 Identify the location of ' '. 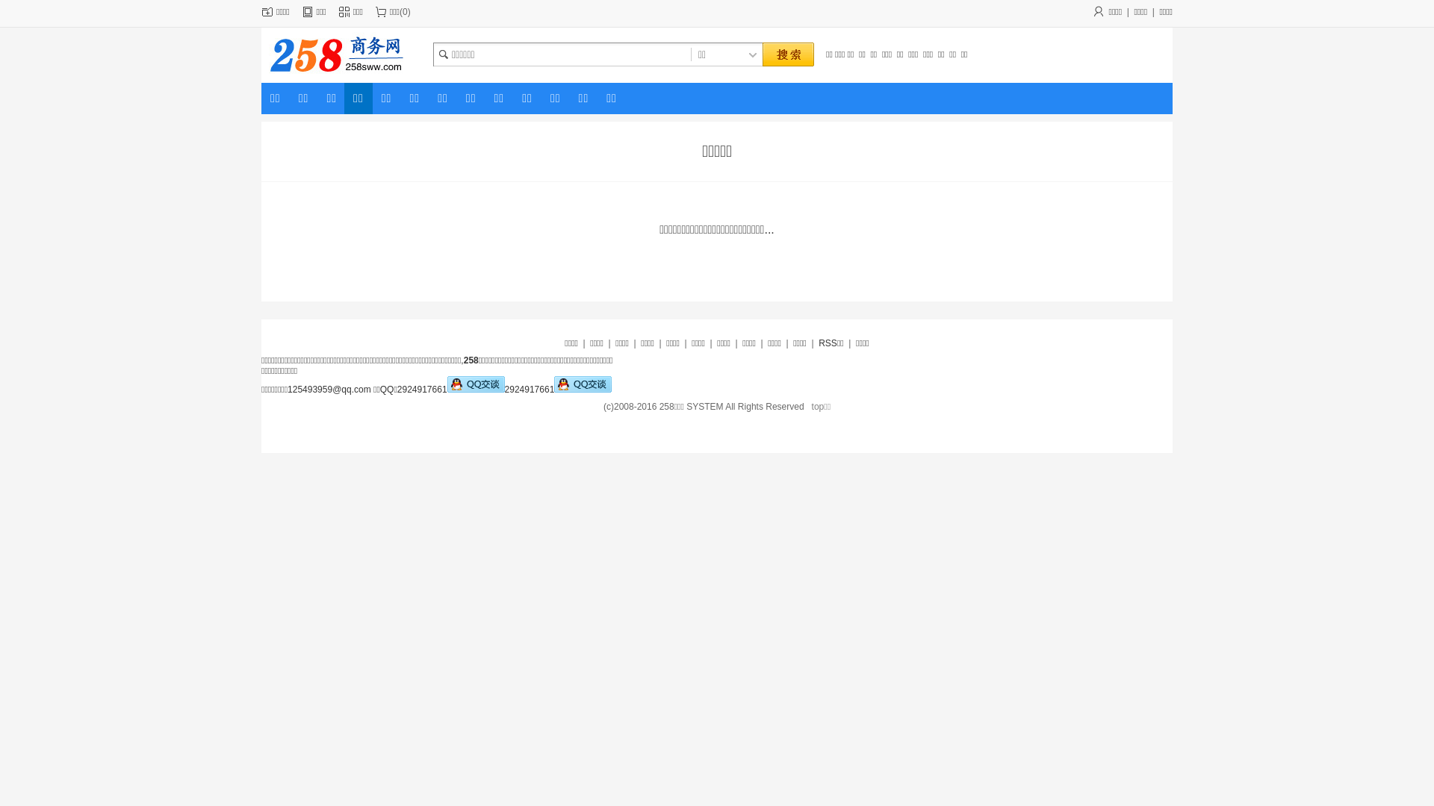
(787, 54).